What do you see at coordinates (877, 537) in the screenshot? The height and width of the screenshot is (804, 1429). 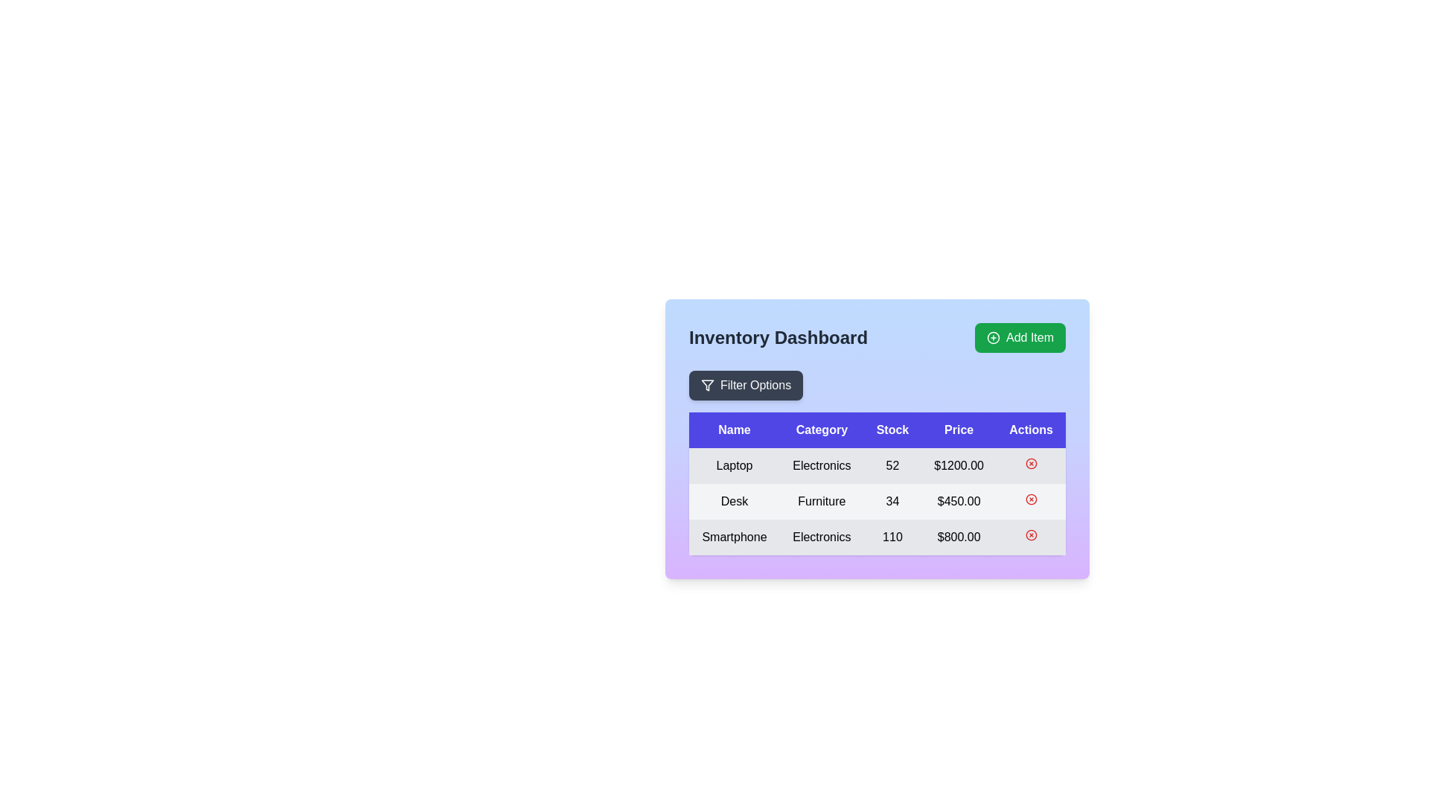 I see `the third row in the table displaying information about the 'Smartphone' product` at bounding box center [877, 537].